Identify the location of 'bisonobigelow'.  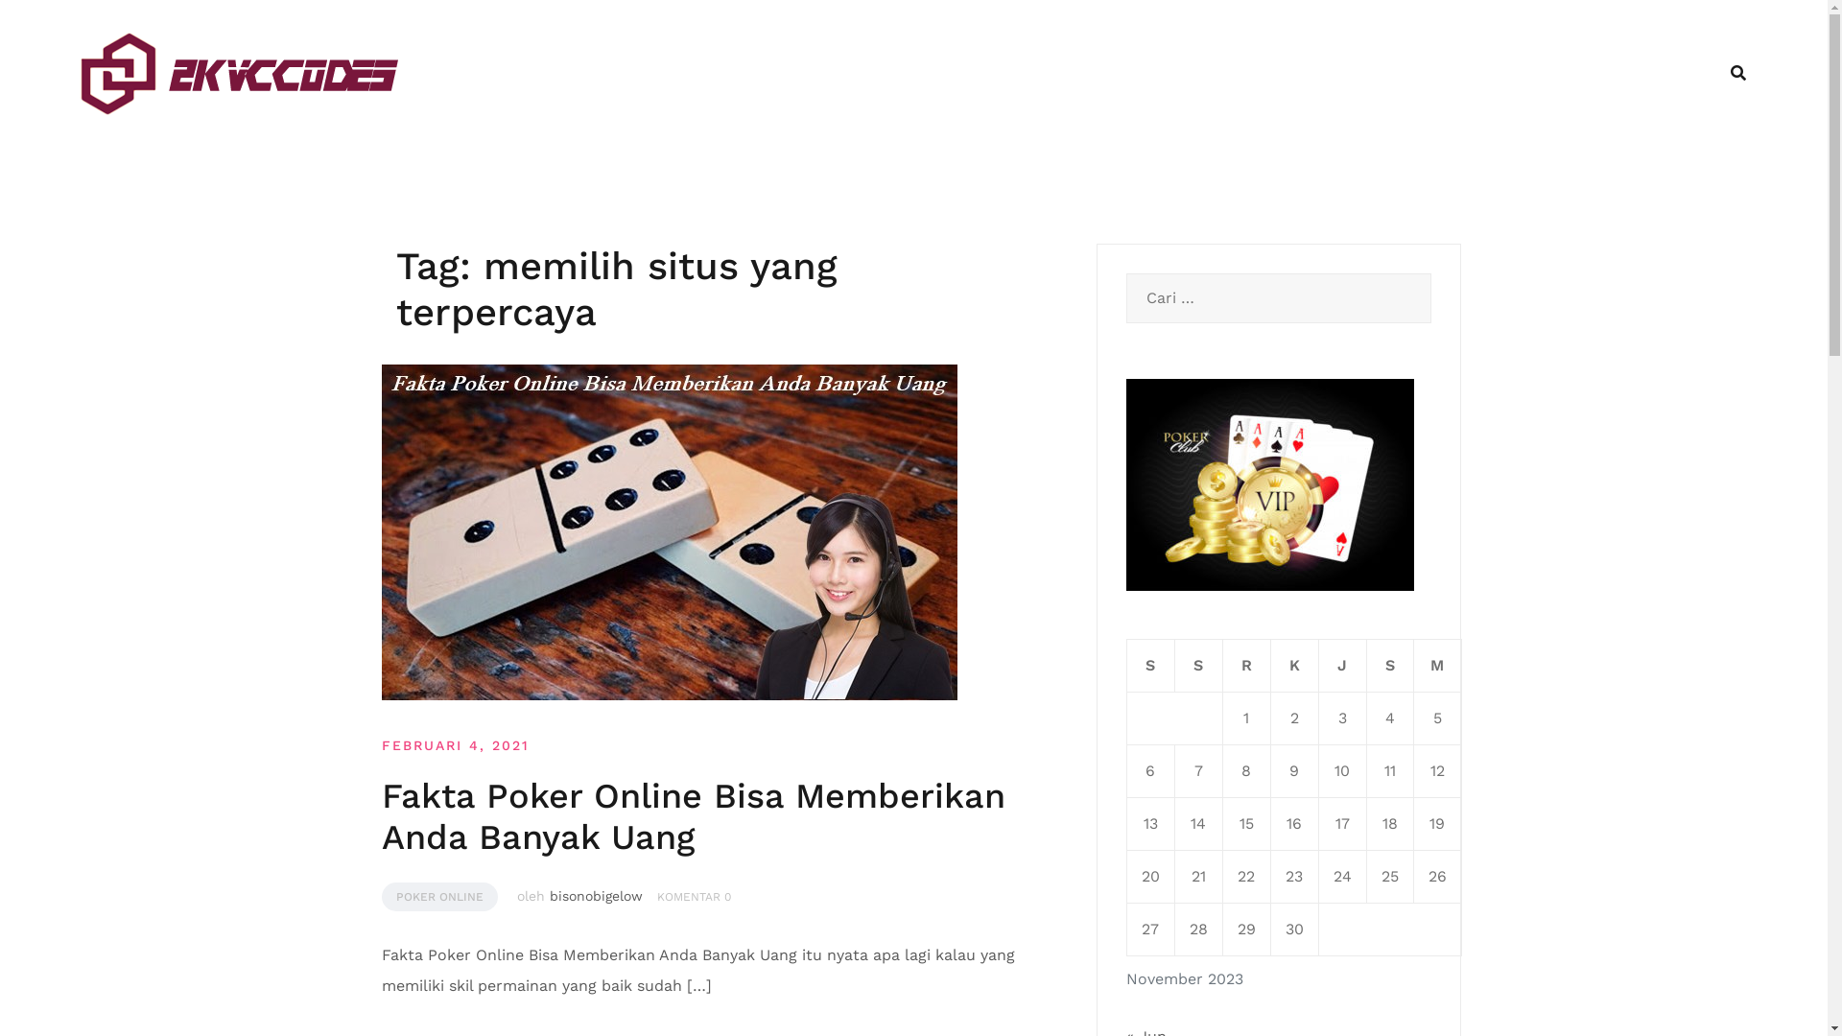
(594, 895).